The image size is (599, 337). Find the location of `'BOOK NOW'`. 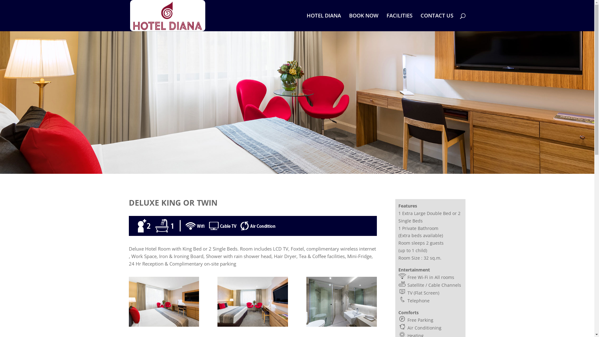

'BOOK NOW' is located at coordinates (363, 22).